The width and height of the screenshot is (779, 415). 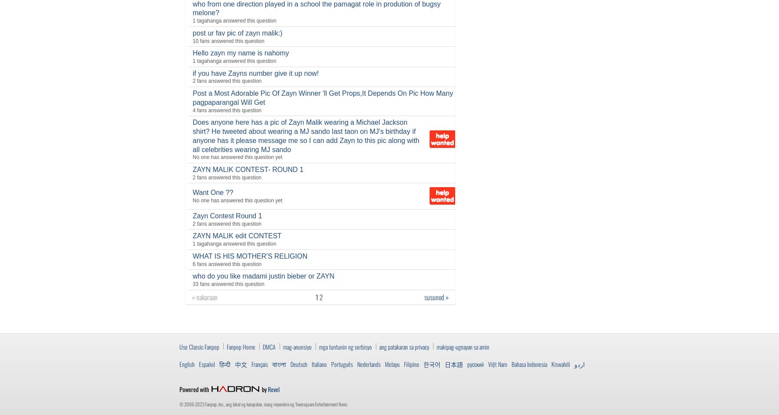 I want to click on 'Does anyone here has a pic of Zayn Malik wearing a Michael Jackson shirt? He tweeted about wearing a MJ sando last taon on MJ's birthday if anyone has it please message me so I can add Zayn to this pic along with all celebrities wearing MJ sando', so click(x=192, y=136).